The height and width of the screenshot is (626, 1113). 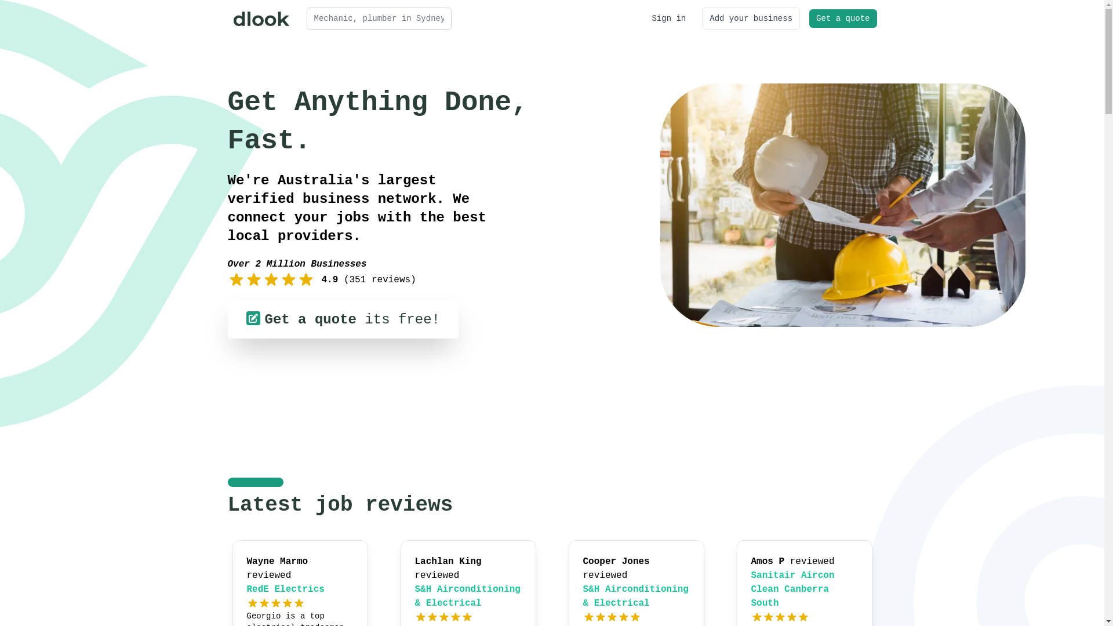 I want to click on 'Sanitair Aircon Clean Canberra South', so click(x=751, y=589).